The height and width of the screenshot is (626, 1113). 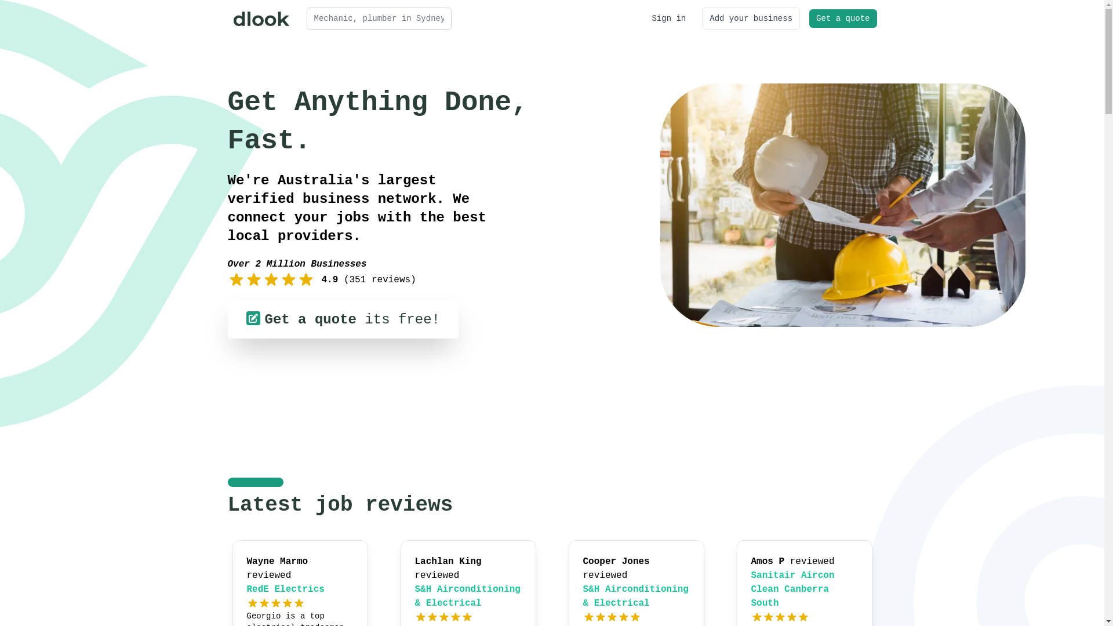 I want to click on 'Sanitair Aircon Clean Canberra South', so click(x=751, y=589).